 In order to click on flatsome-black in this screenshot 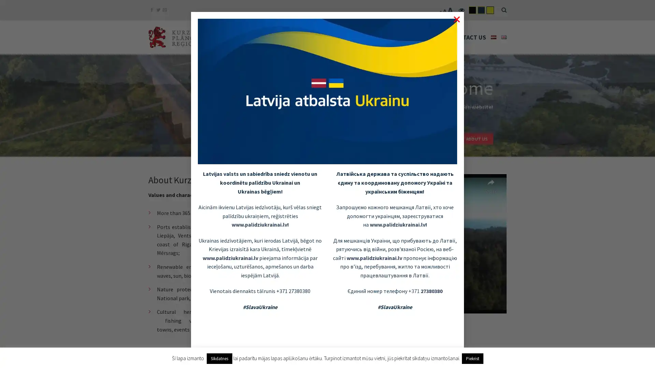, I will do `click(472, 10)`.